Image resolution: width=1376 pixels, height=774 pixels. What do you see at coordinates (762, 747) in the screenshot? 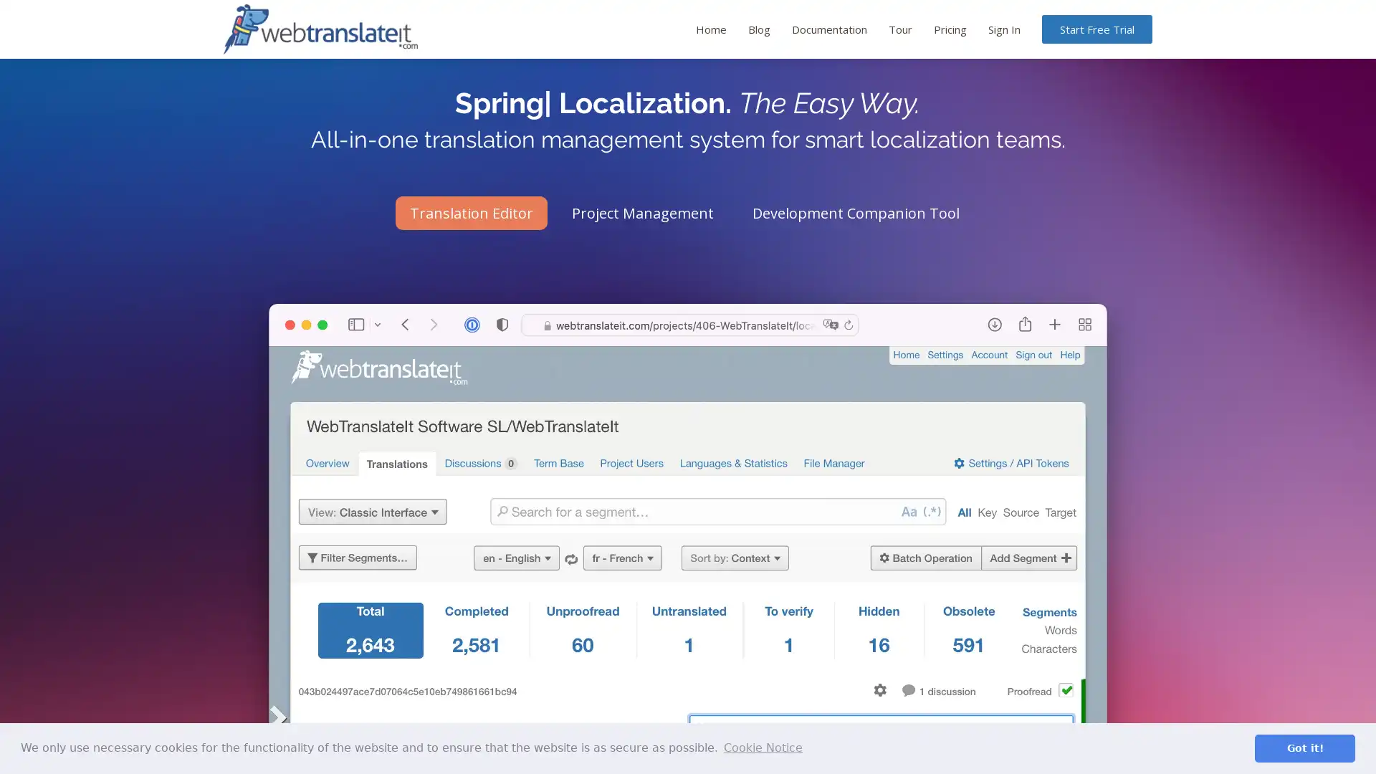
I see `learn more about cookies` at bounding box center [762, 747].